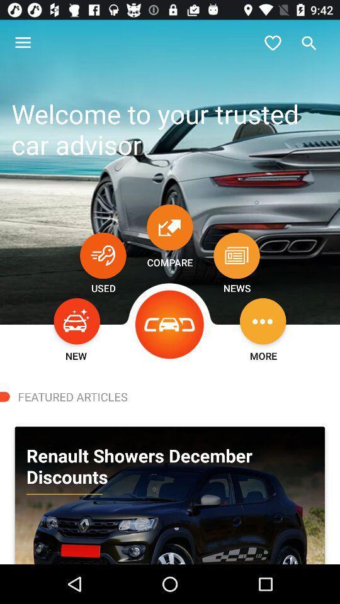 Image resolution: width=340 pixels, height=604 pixels. What do you see at coordinates (77, 320) in the screenshot?
I see `search new cars` at bounding box center [77, 320].